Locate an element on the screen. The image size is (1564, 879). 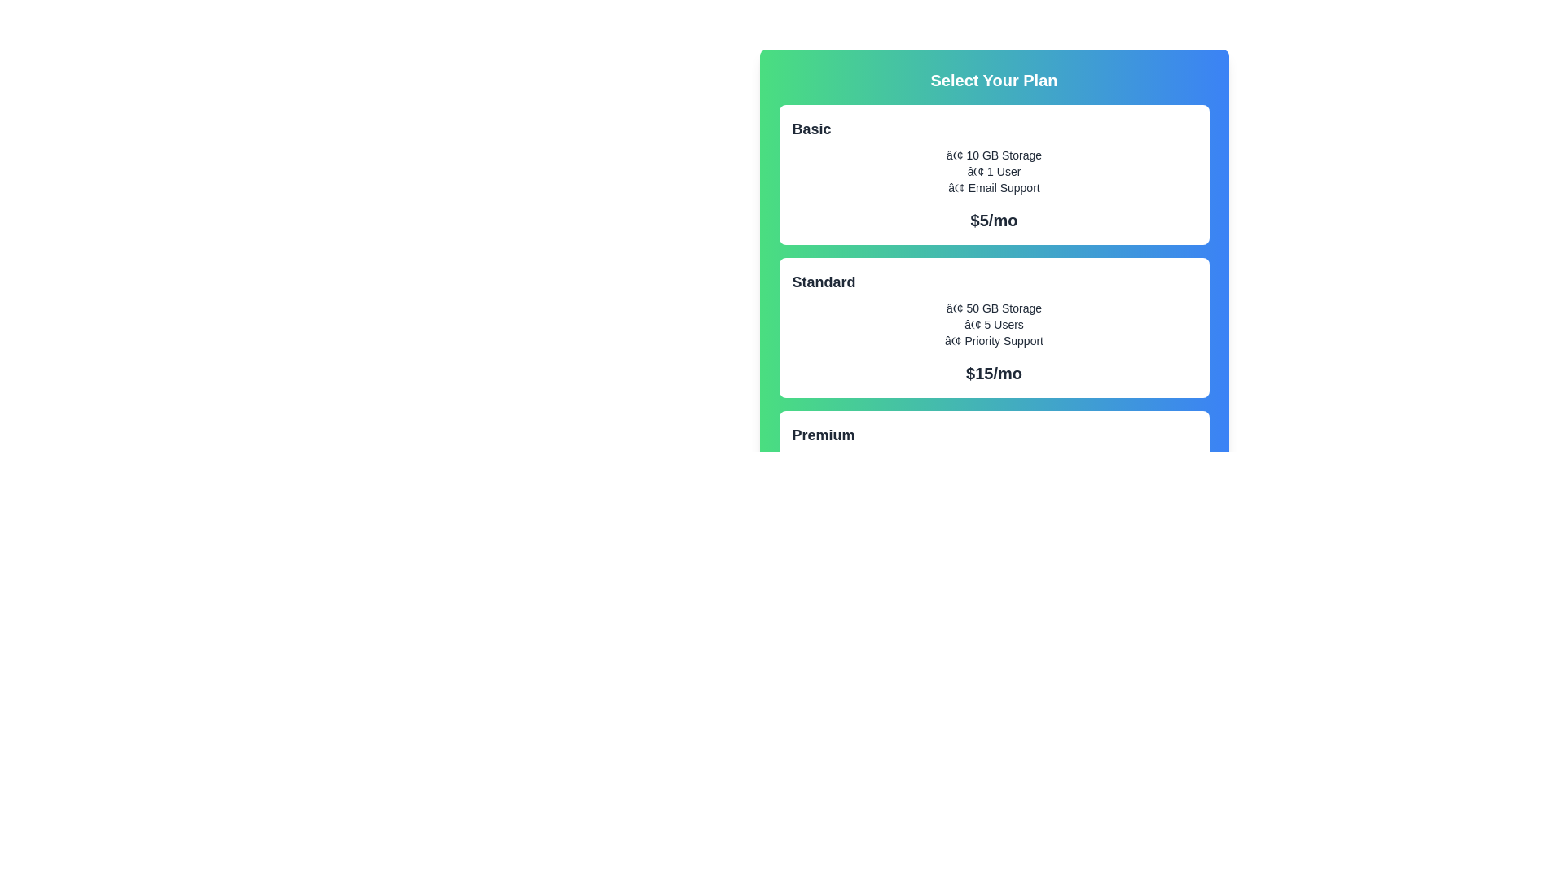
static text element displaying '• 1 User', which is styled minimally and located in the 'Basic' section of the pricing plan interface is located at coordinates (993, 172).